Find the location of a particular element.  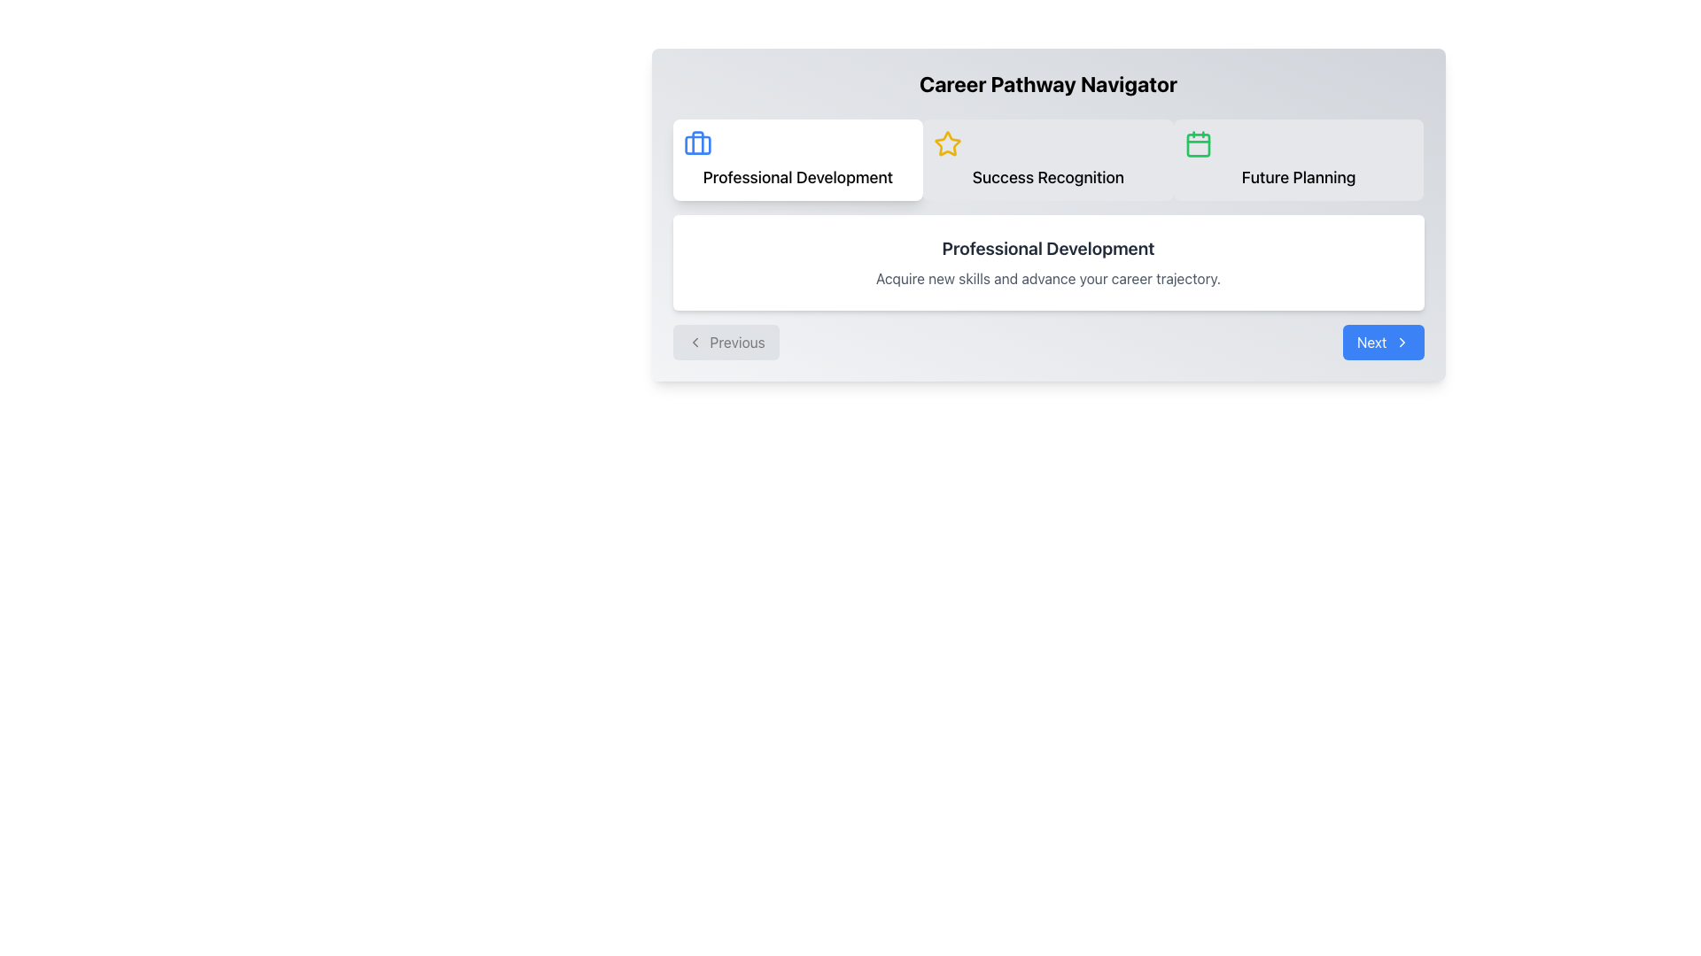

the graphical icon for navigation located adjacent to the 'Previous' button in the bottom-left of the interface is located at coordinates (694, 342).